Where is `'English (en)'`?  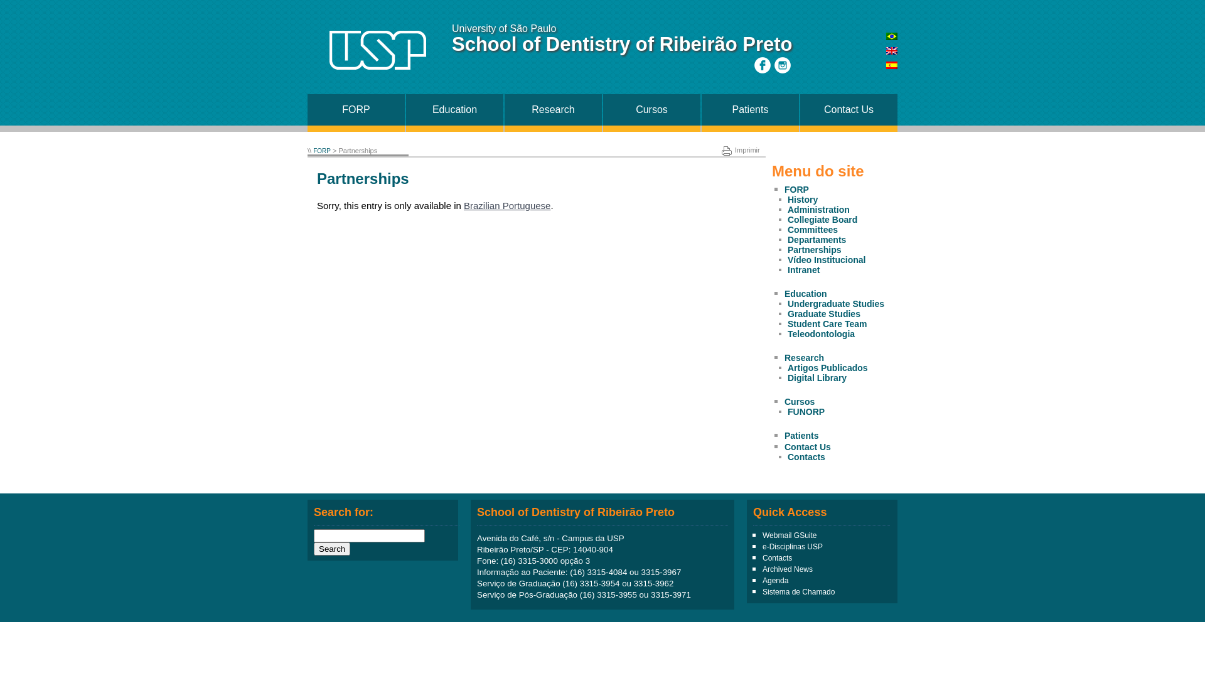
'English (en)' is located at coordinates (891, 50).